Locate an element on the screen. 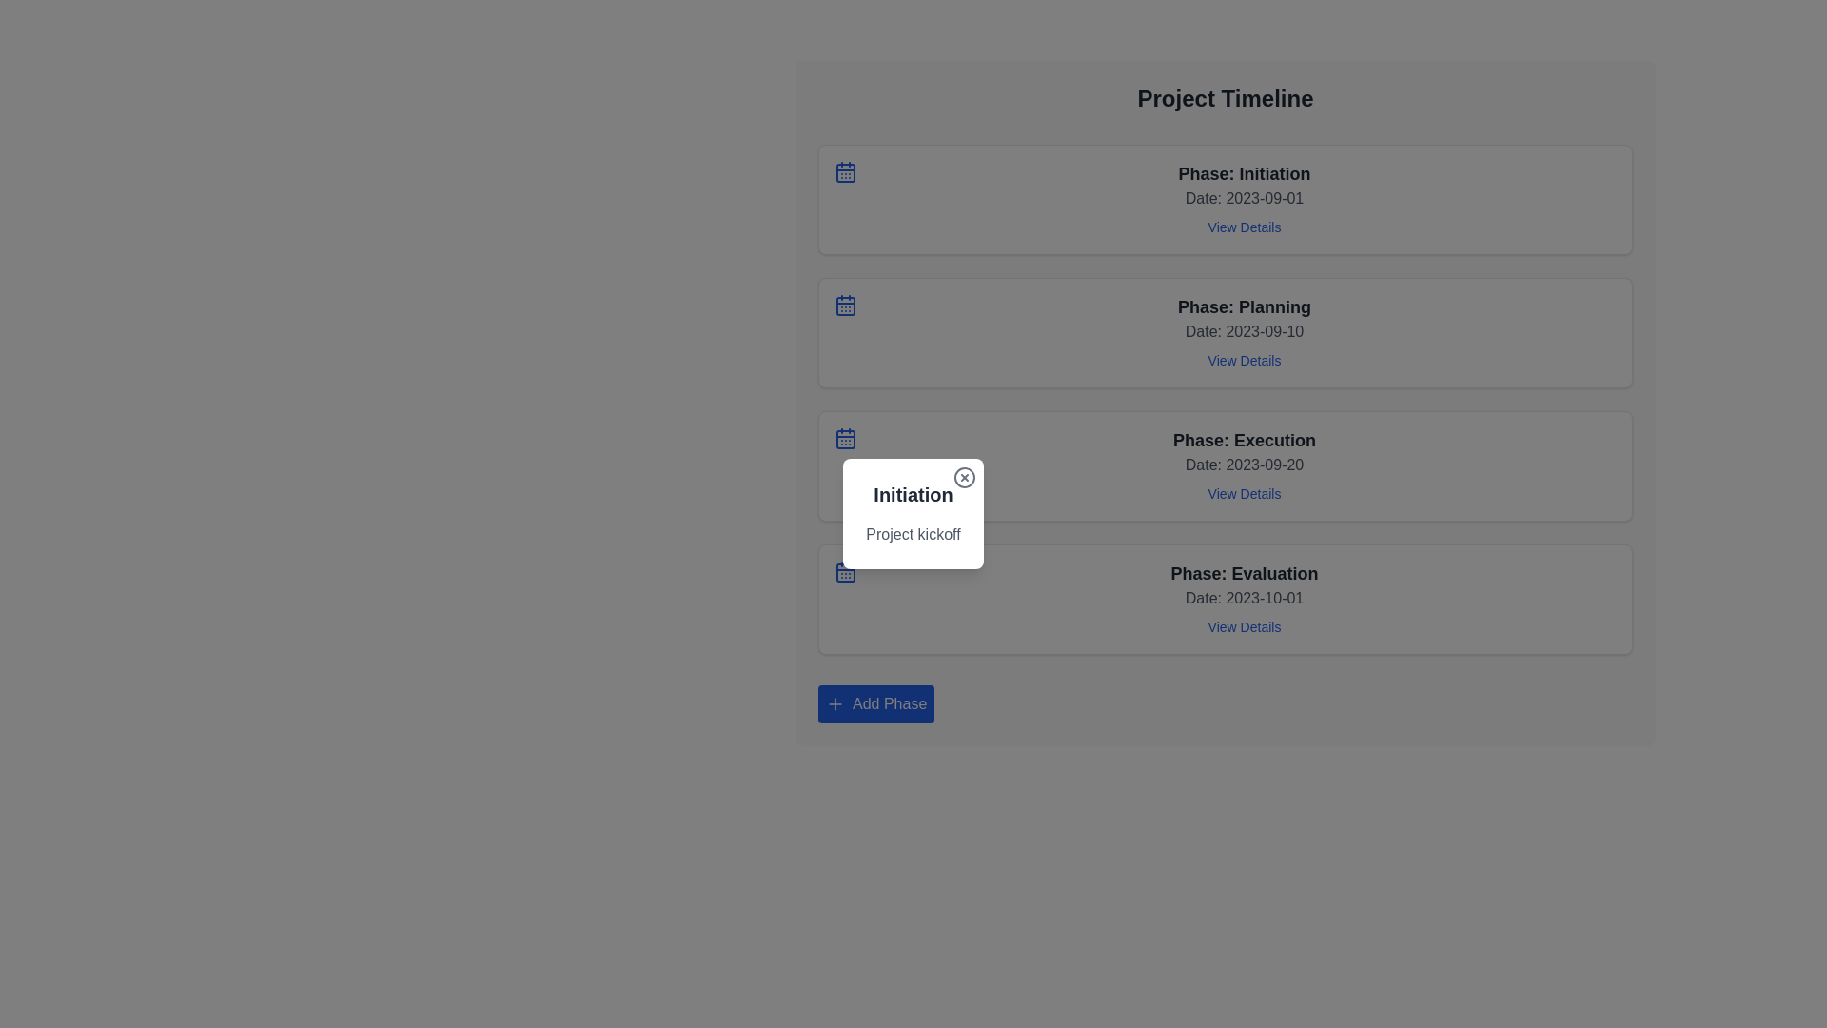 This screenshot has height=1028, width=1827. the text block containing the phrase 'Phase: Evaluation', which is styled in bold and located at the bottom of the timeline list is located at coordinates (1245, 572).